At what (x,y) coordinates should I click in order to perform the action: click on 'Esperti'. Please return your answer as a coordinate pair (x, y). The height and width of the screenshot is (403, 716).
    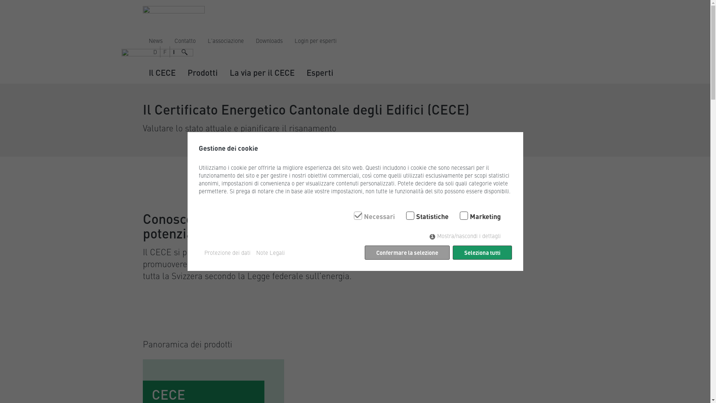
    Looking at the image, I should click on (320, 72).